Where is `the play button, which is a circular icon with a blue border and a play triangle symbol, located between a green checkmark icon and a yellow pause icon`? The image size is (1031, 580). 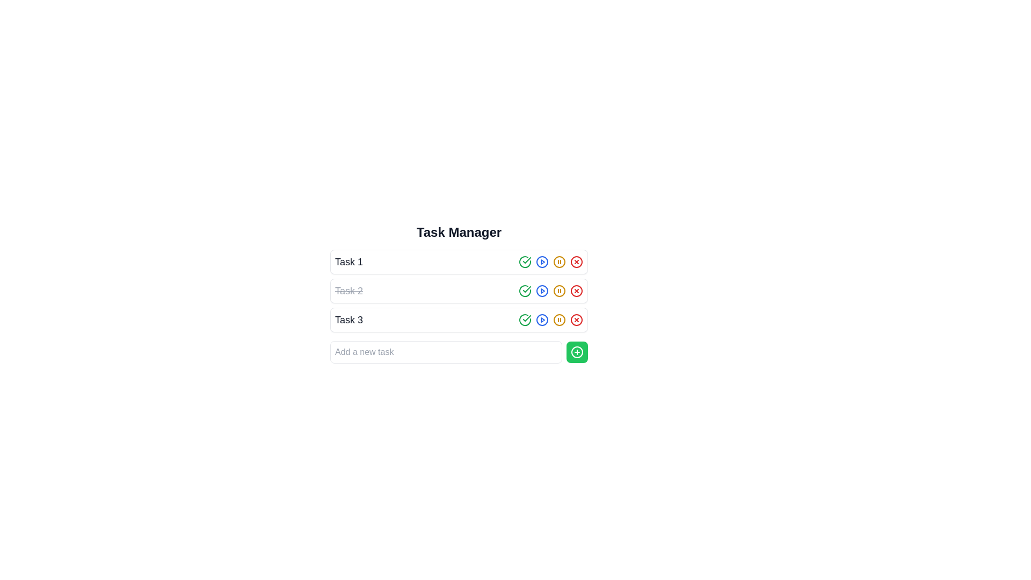
the play button, which is a circular icon with a blue border and a play triangle symbol, located between a green checkmark icon and a yellow pause icon is located at coordinates (542, 320).